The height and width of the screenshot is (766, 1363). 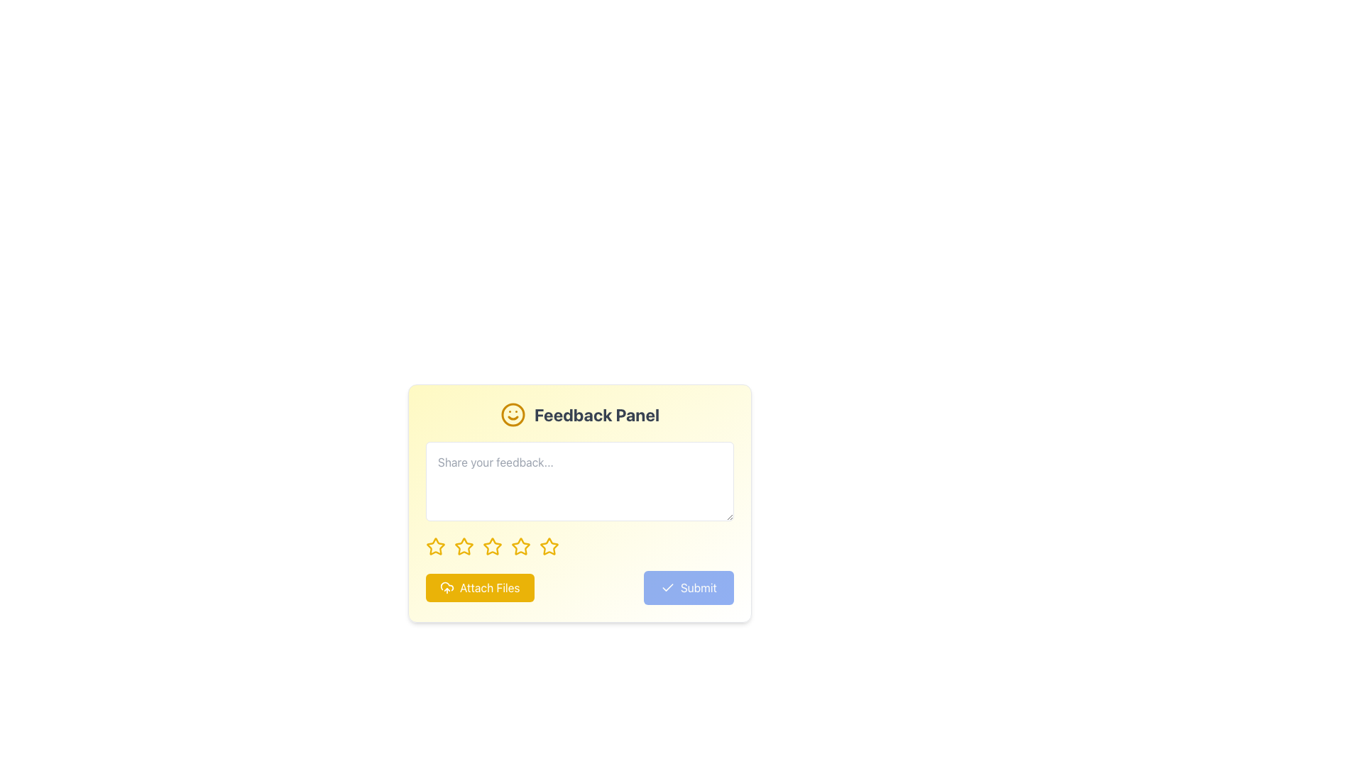 What do you see at coordinates (480, 588) in the screenshot?
I see `the 'Attach Files' button, which is a yellow rectangular button with rounded corners, featuring a white cloud-like upload icon and the text 'Attach Files' centered in white, located in the bottom-left section of the 'Feedback Panel'` at bounding box center [480, 588].